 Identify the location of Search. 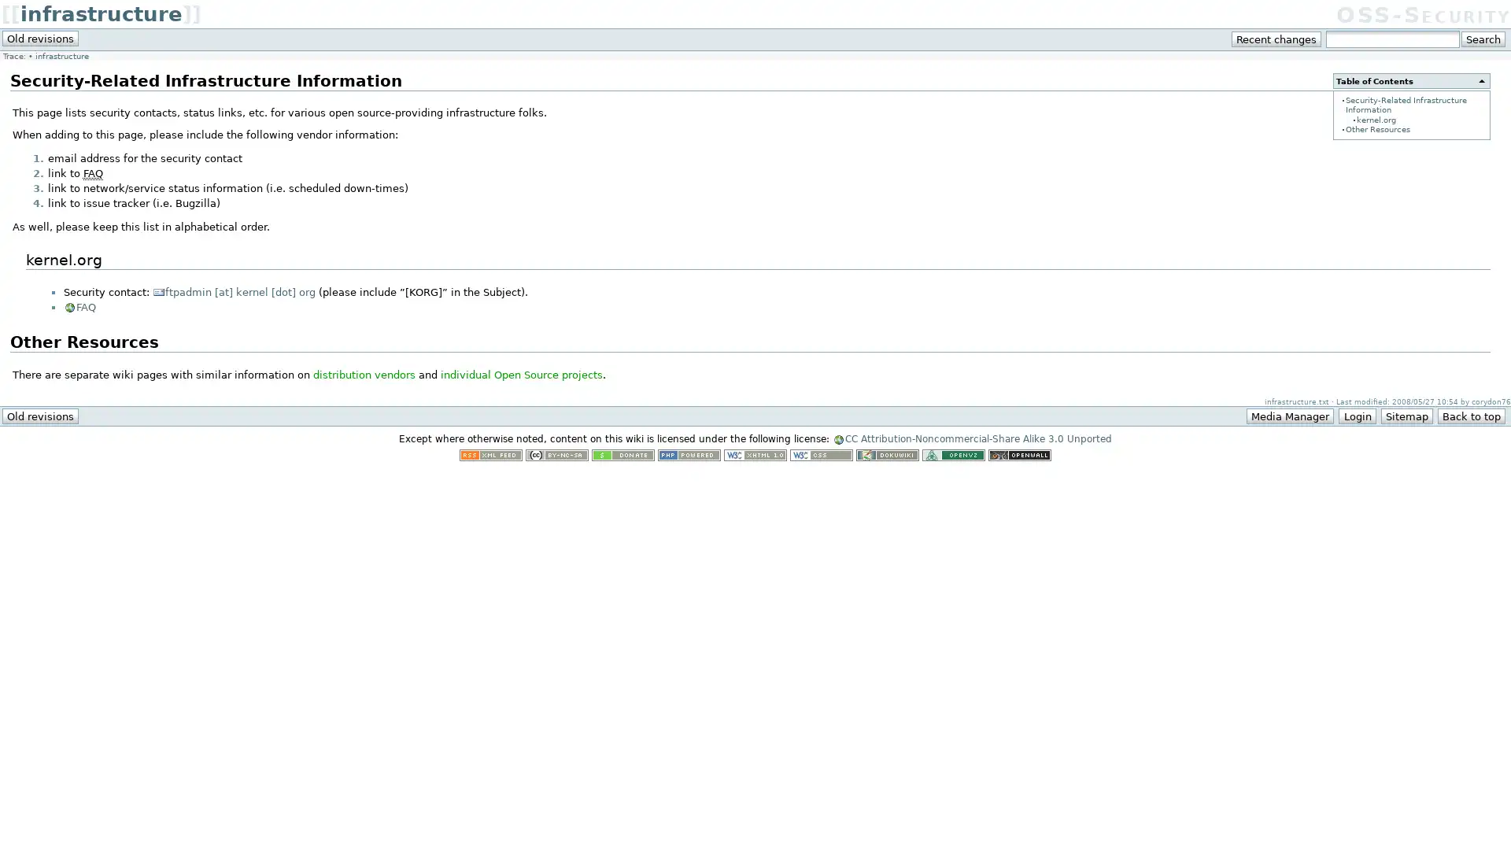
(1482, 39).